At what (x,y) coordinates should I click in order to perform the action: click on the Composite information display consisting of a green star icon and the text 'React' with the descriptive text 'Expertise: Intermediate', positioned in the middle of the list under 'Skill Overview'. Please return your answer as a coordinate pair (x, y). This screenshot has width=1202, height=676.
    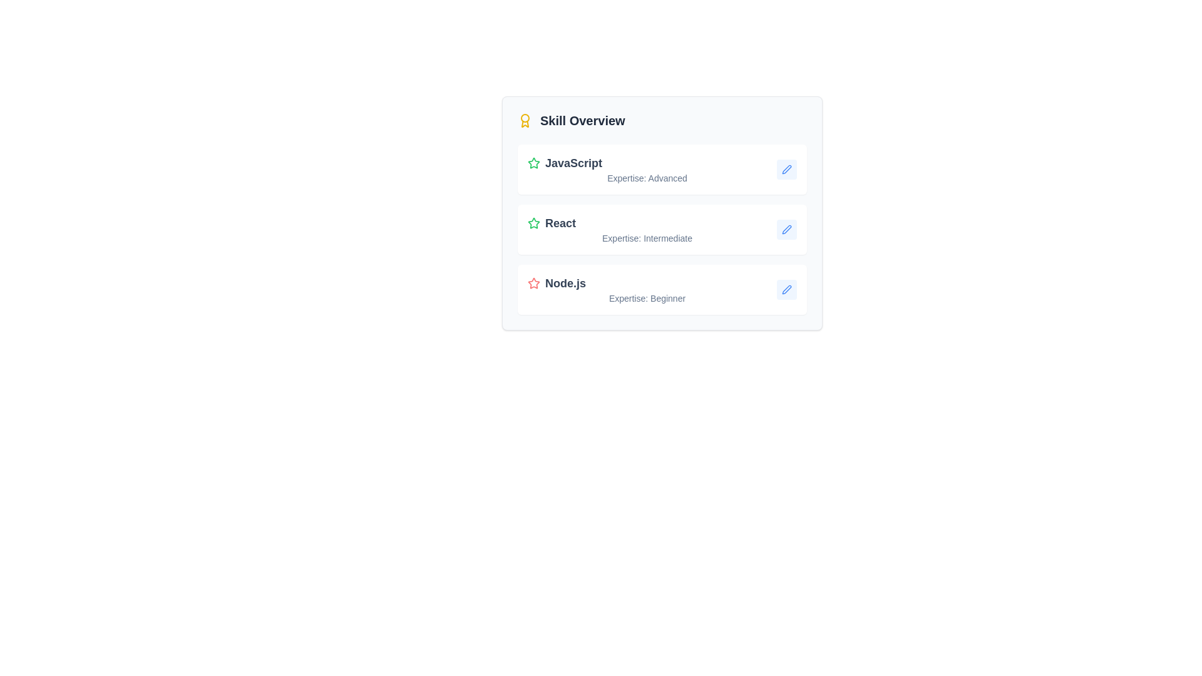
    Looking at the image, I should click on (647, 229).